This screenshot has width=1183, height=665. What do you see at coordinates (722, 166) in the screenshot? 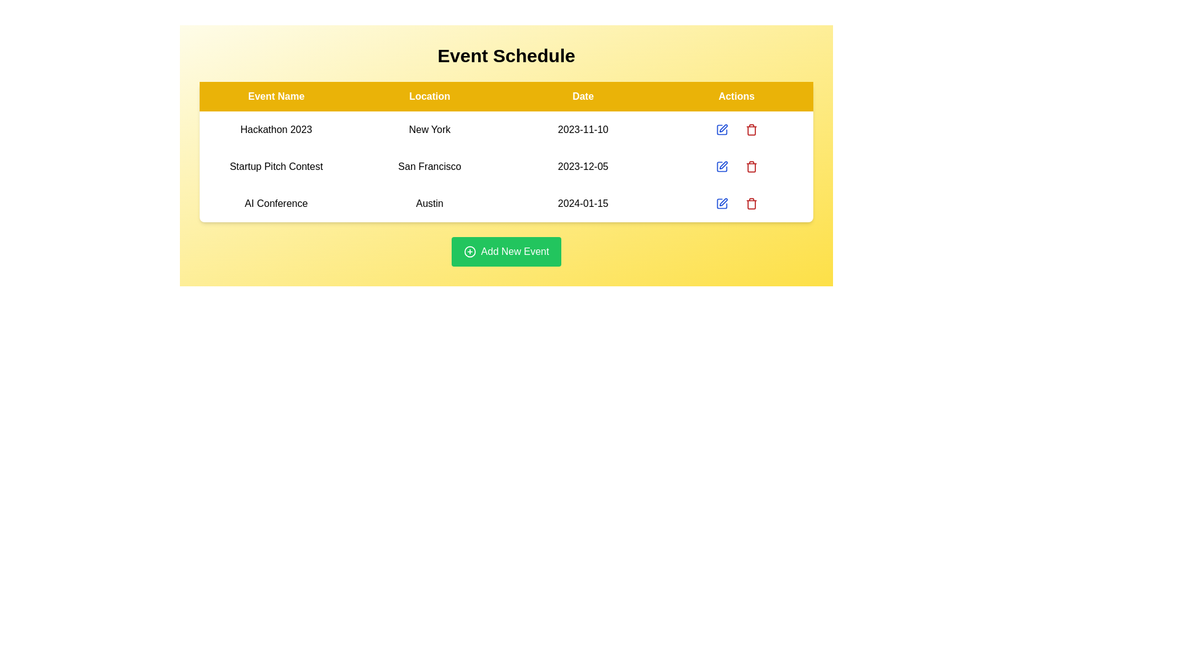
I see `the edit button for the event Startup Pitch Contest` at bounding box center [722, 166].